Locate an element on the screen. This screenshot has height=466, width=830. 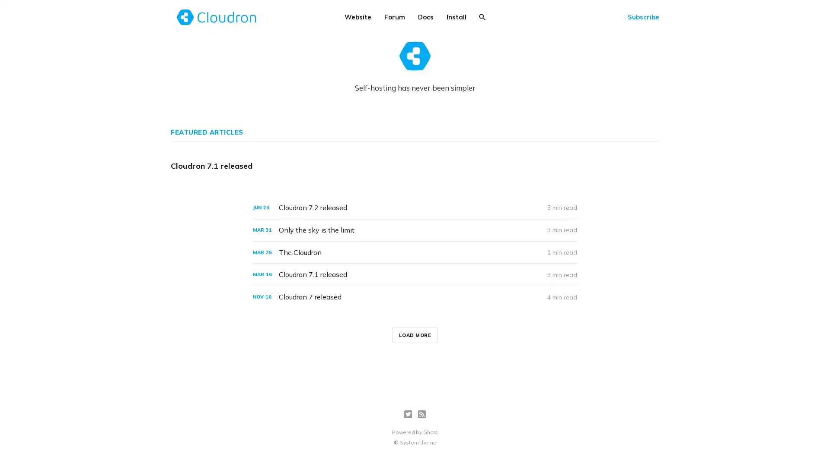
LOAD MORE is located at coordinates (414, 334).